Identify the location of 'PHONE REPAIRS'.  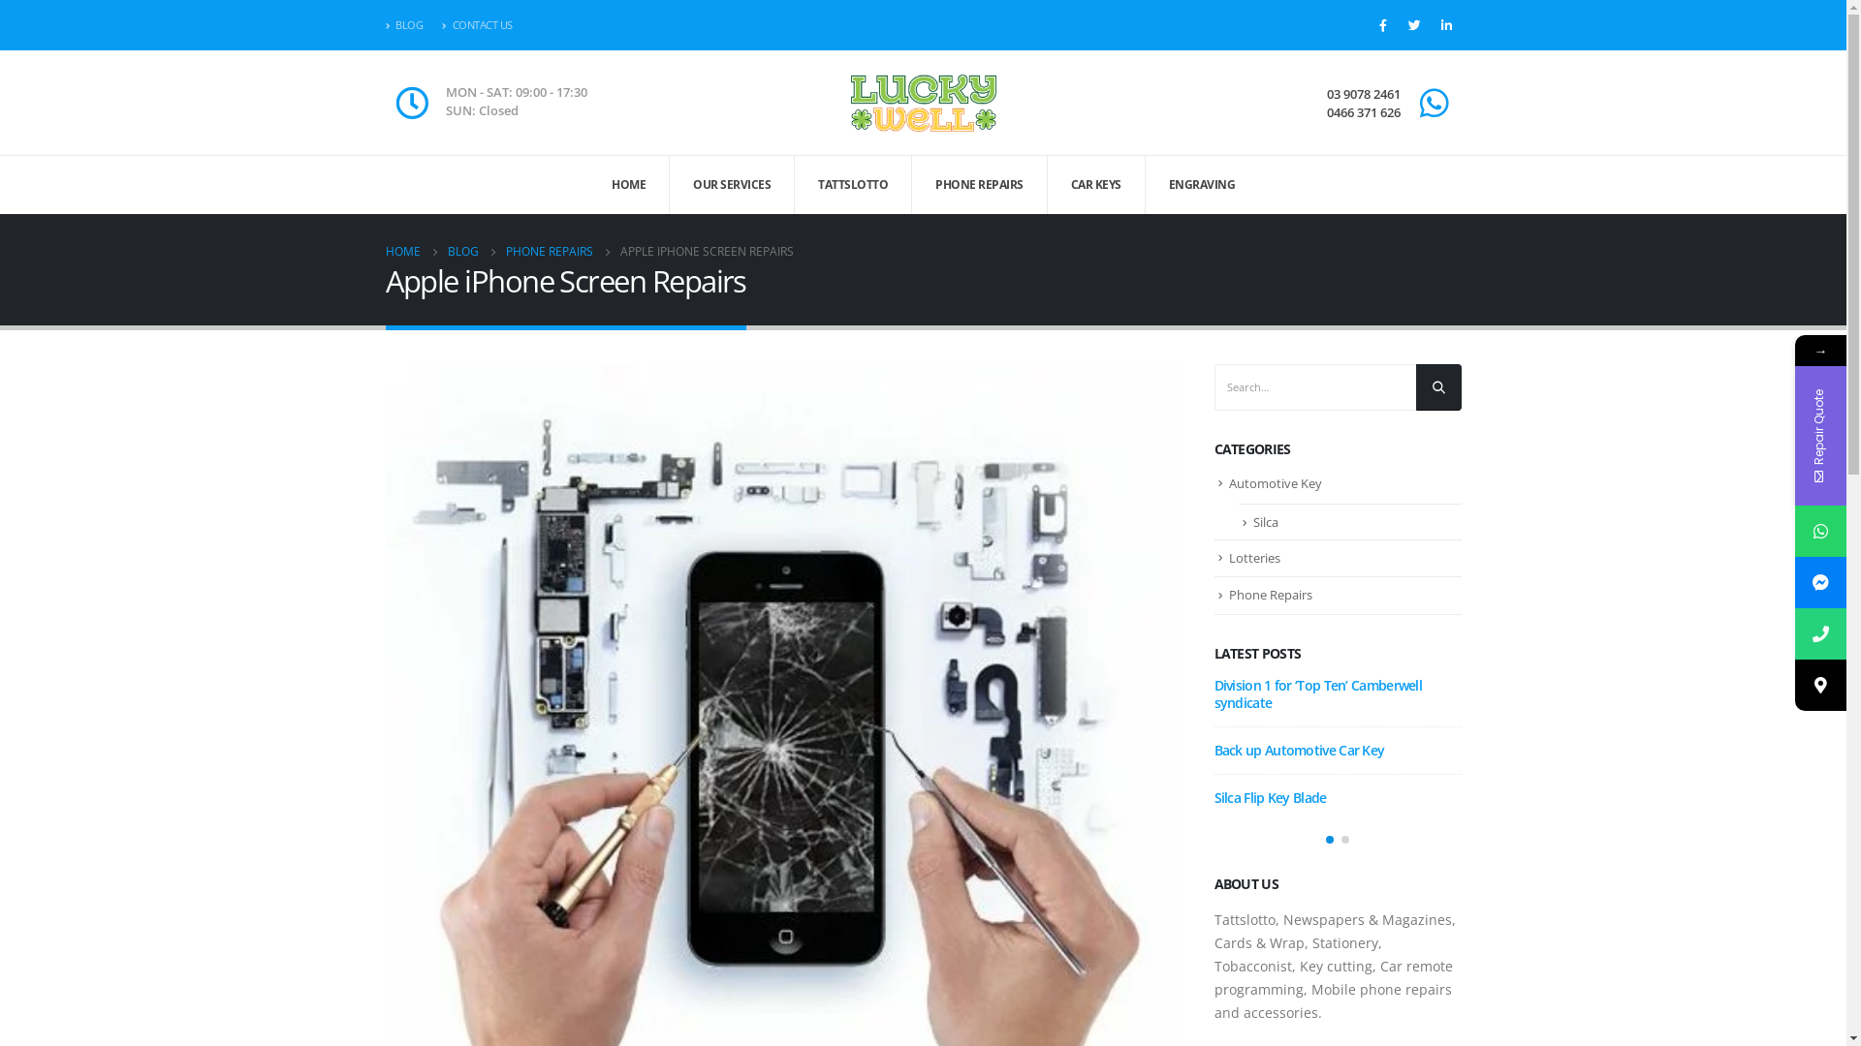
(980, 185).